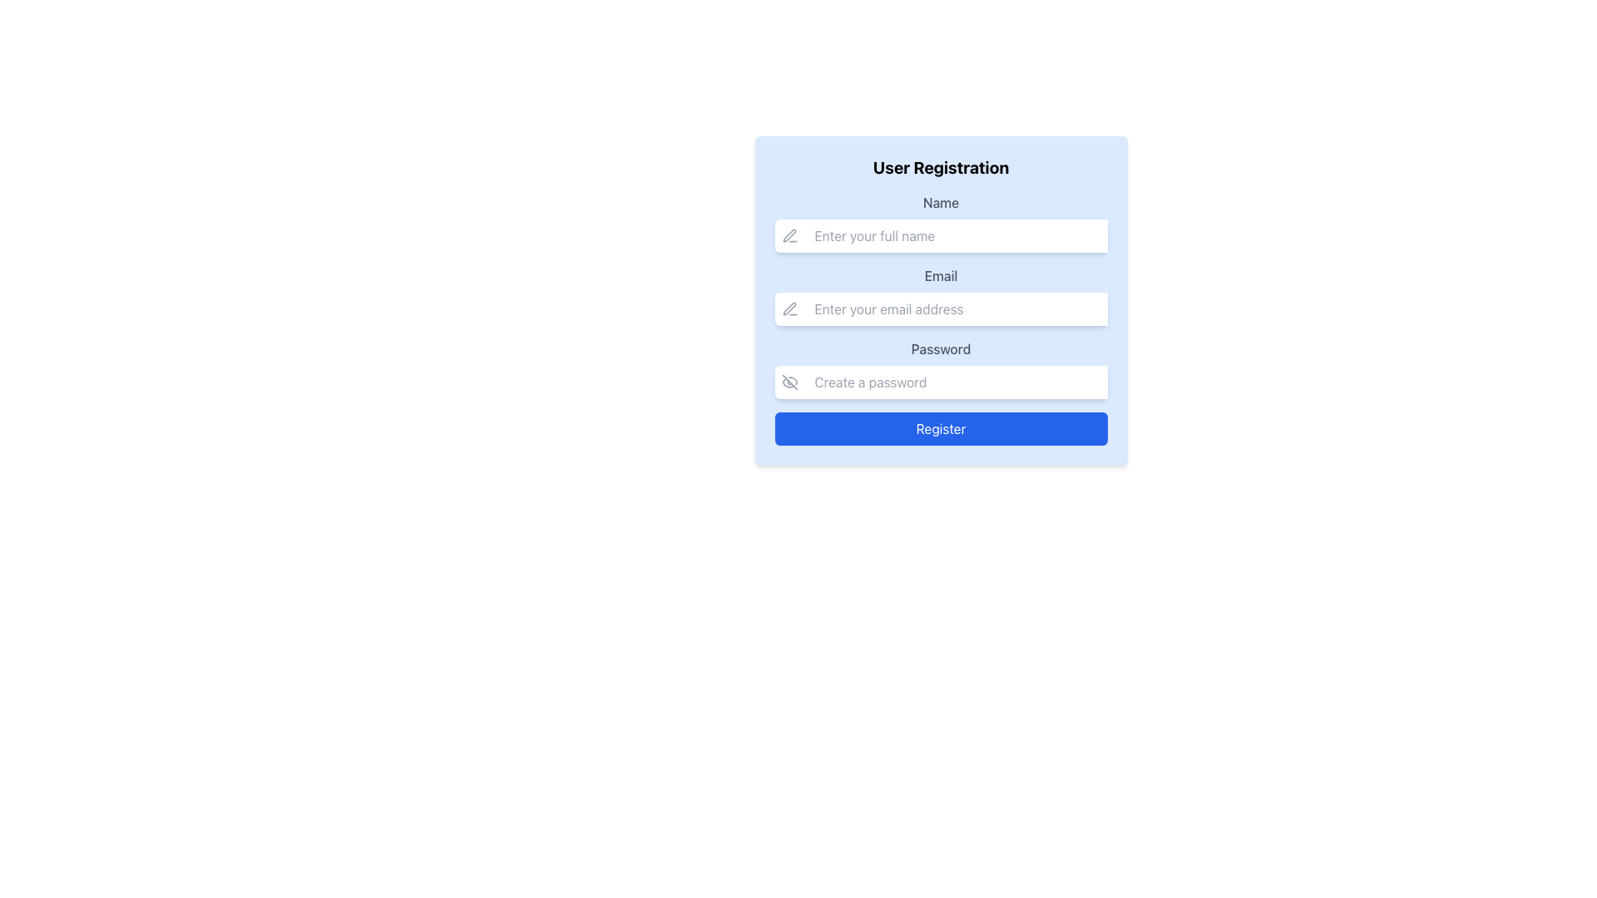 The image size is (1597, 898). What do you see at coordinates (941, 274) in the screenshot?
I see `the label element that guides users on the expected input for the email field, located in the center of the registration form above the email input field` at bounding box center [941, 274].